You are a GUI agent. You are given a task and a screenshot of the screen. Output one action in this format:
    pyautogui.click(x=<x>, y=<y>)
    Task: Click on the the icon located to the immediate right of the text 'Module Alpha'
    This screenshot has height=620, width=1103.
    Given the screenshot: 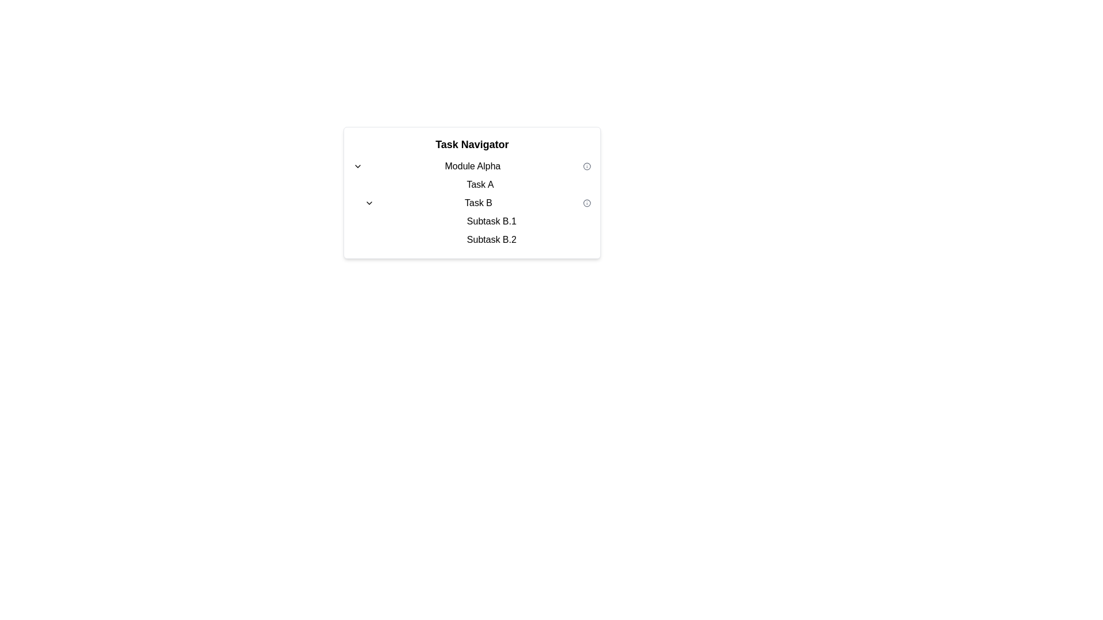 What is the action you would take?
    pyautogui.click(x=587, y=166)
    